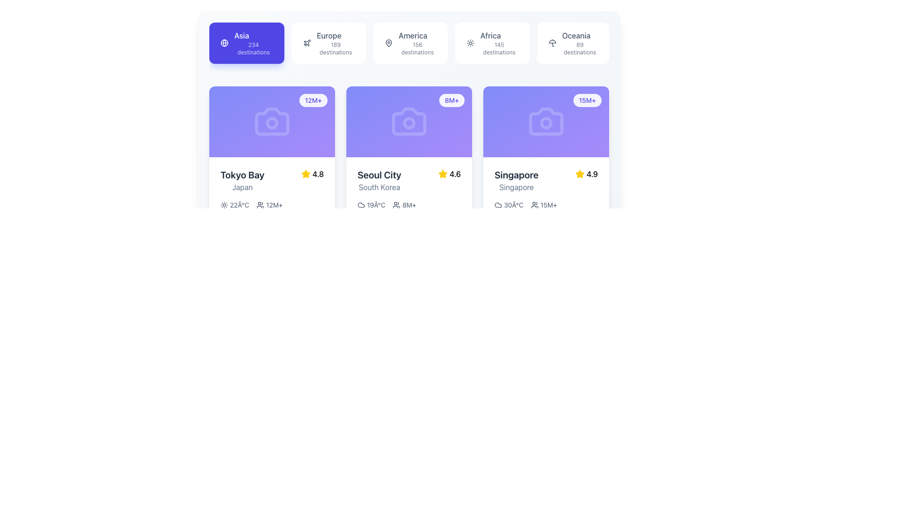  What do you see at coordinates (499, 43) in the screenshot?
I see `the button labeled 'Africa' which displays '145 destinations' beneath it` at bounding box center [499, 43].